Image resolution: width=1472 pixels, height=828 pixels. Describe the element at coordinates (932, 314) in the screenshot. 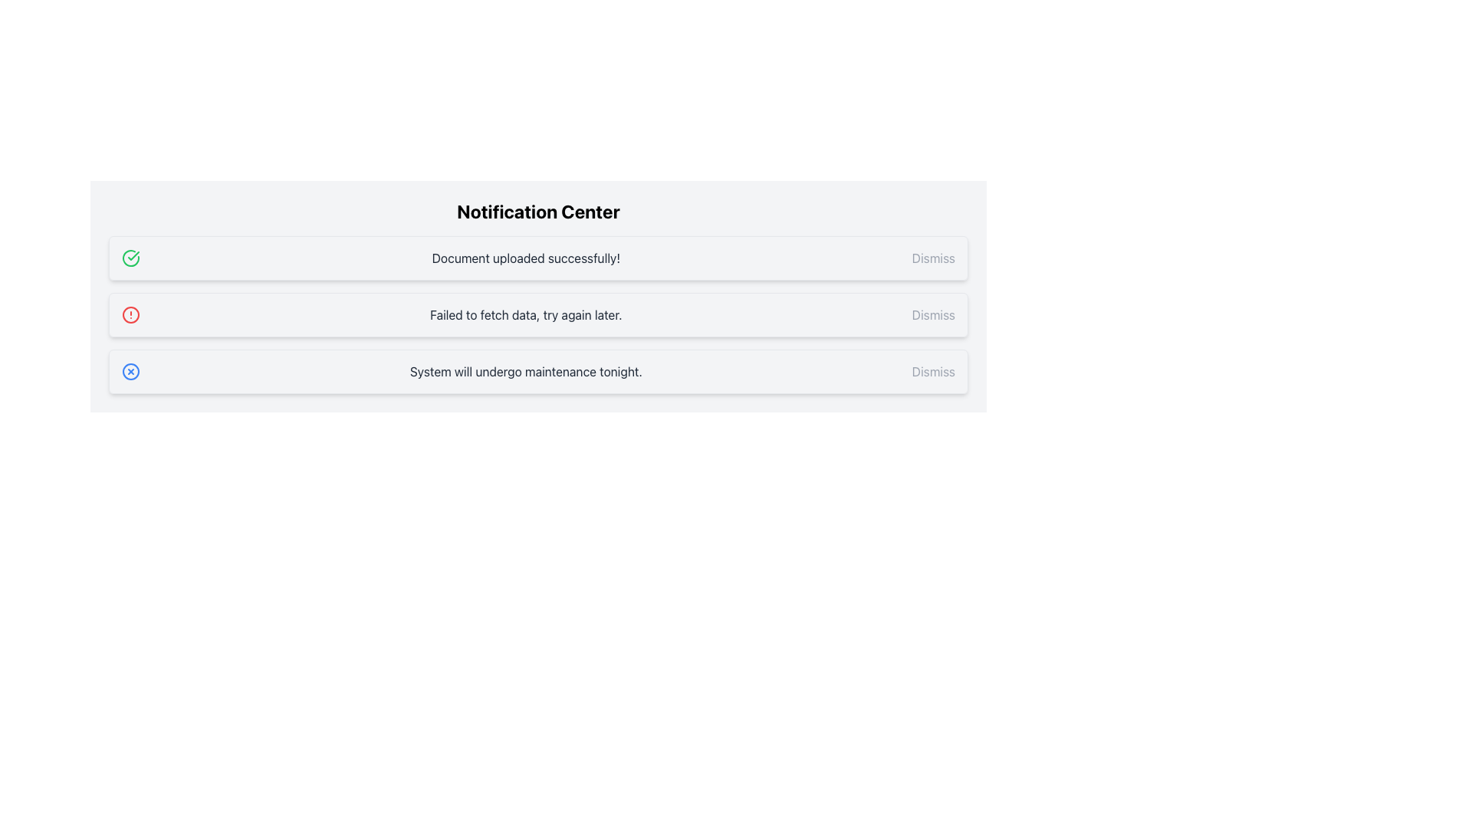

I see `the dismiss button located on the rightmost side of the notification box displaying 'Failed to fetch data, try again later.'` at that location.